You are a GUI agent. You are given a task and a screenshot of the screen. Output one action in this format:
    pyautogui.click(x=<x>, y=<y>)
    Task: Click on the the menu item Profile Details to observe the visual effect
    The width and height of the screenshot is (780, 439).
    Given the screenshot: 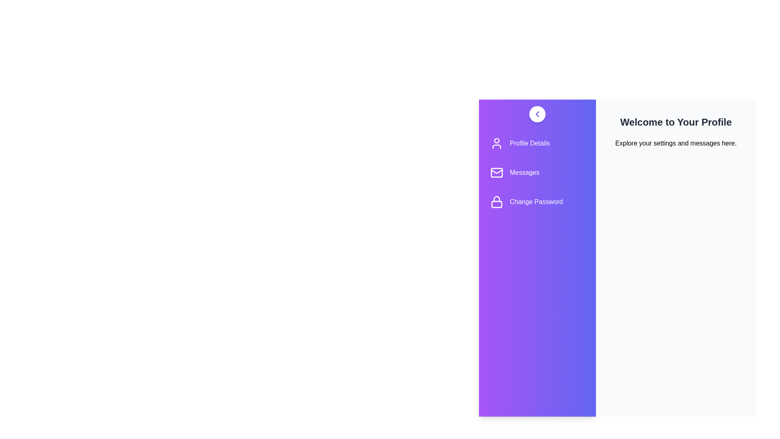 What is the action you would take?
    pyautogui.click(x=537, y=143)
    